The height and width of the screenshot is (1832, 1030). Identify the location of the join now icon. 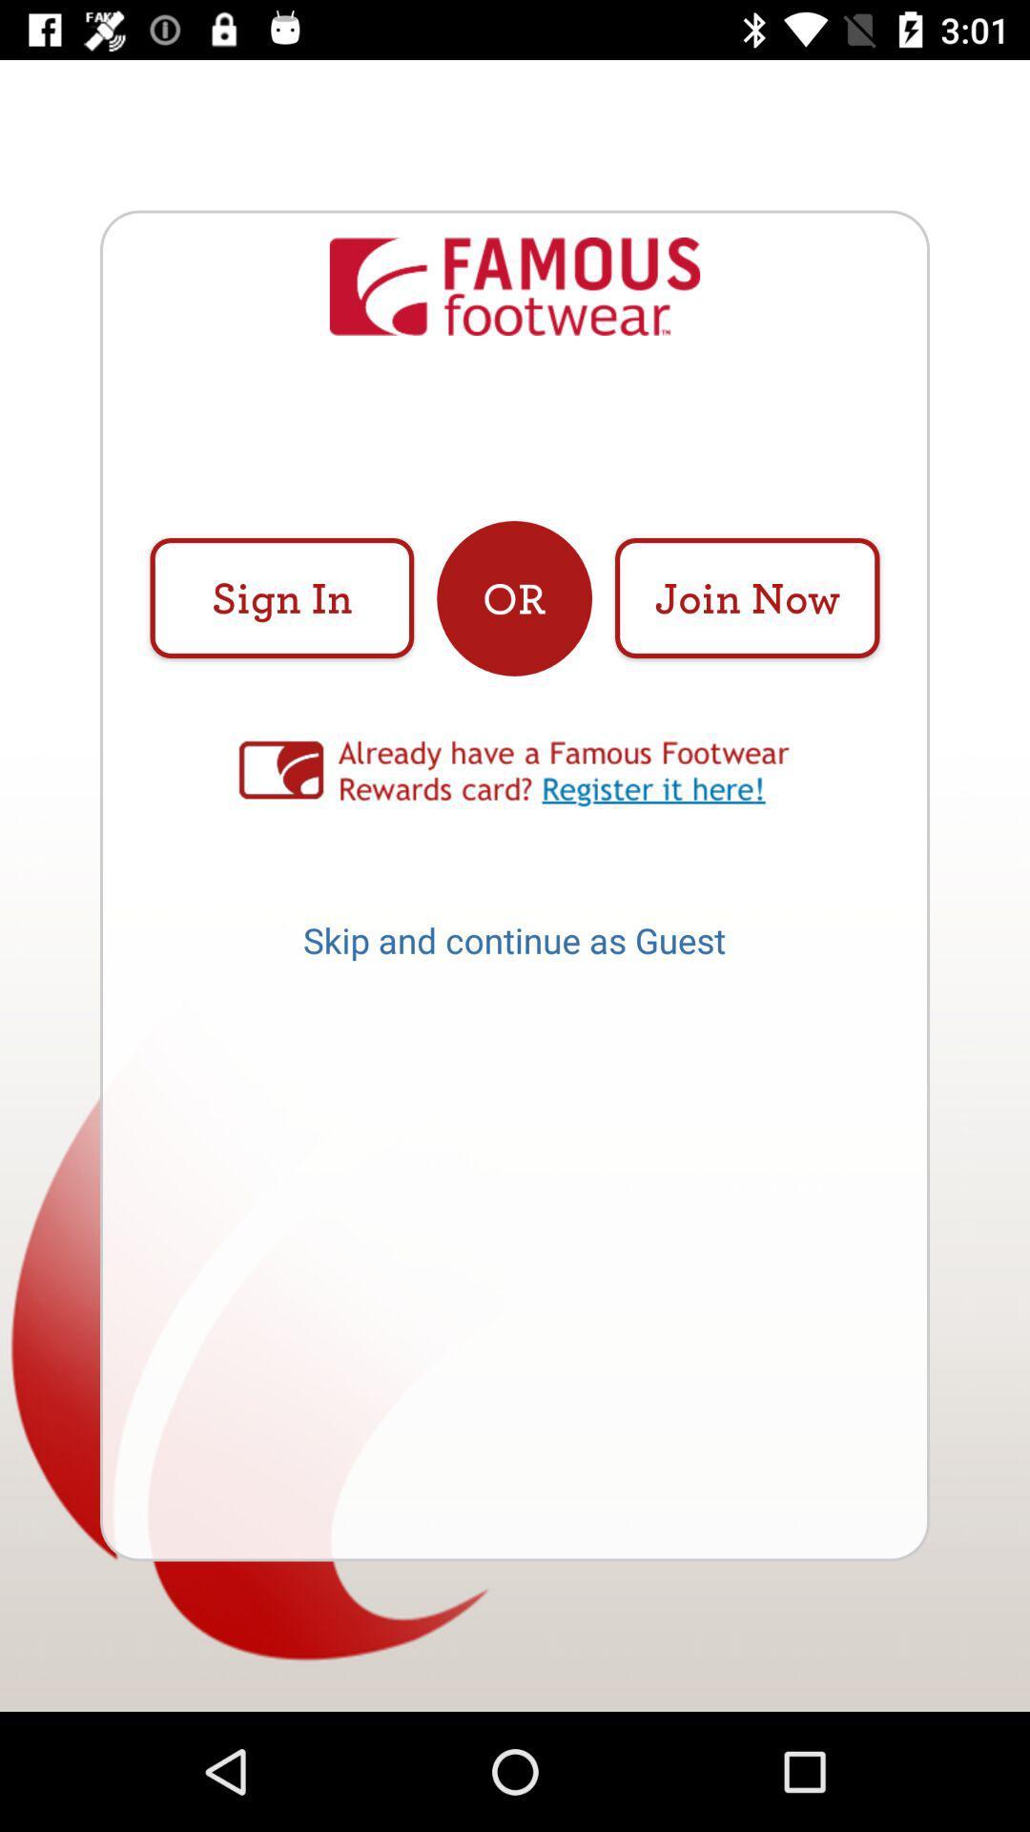
(746, 597).